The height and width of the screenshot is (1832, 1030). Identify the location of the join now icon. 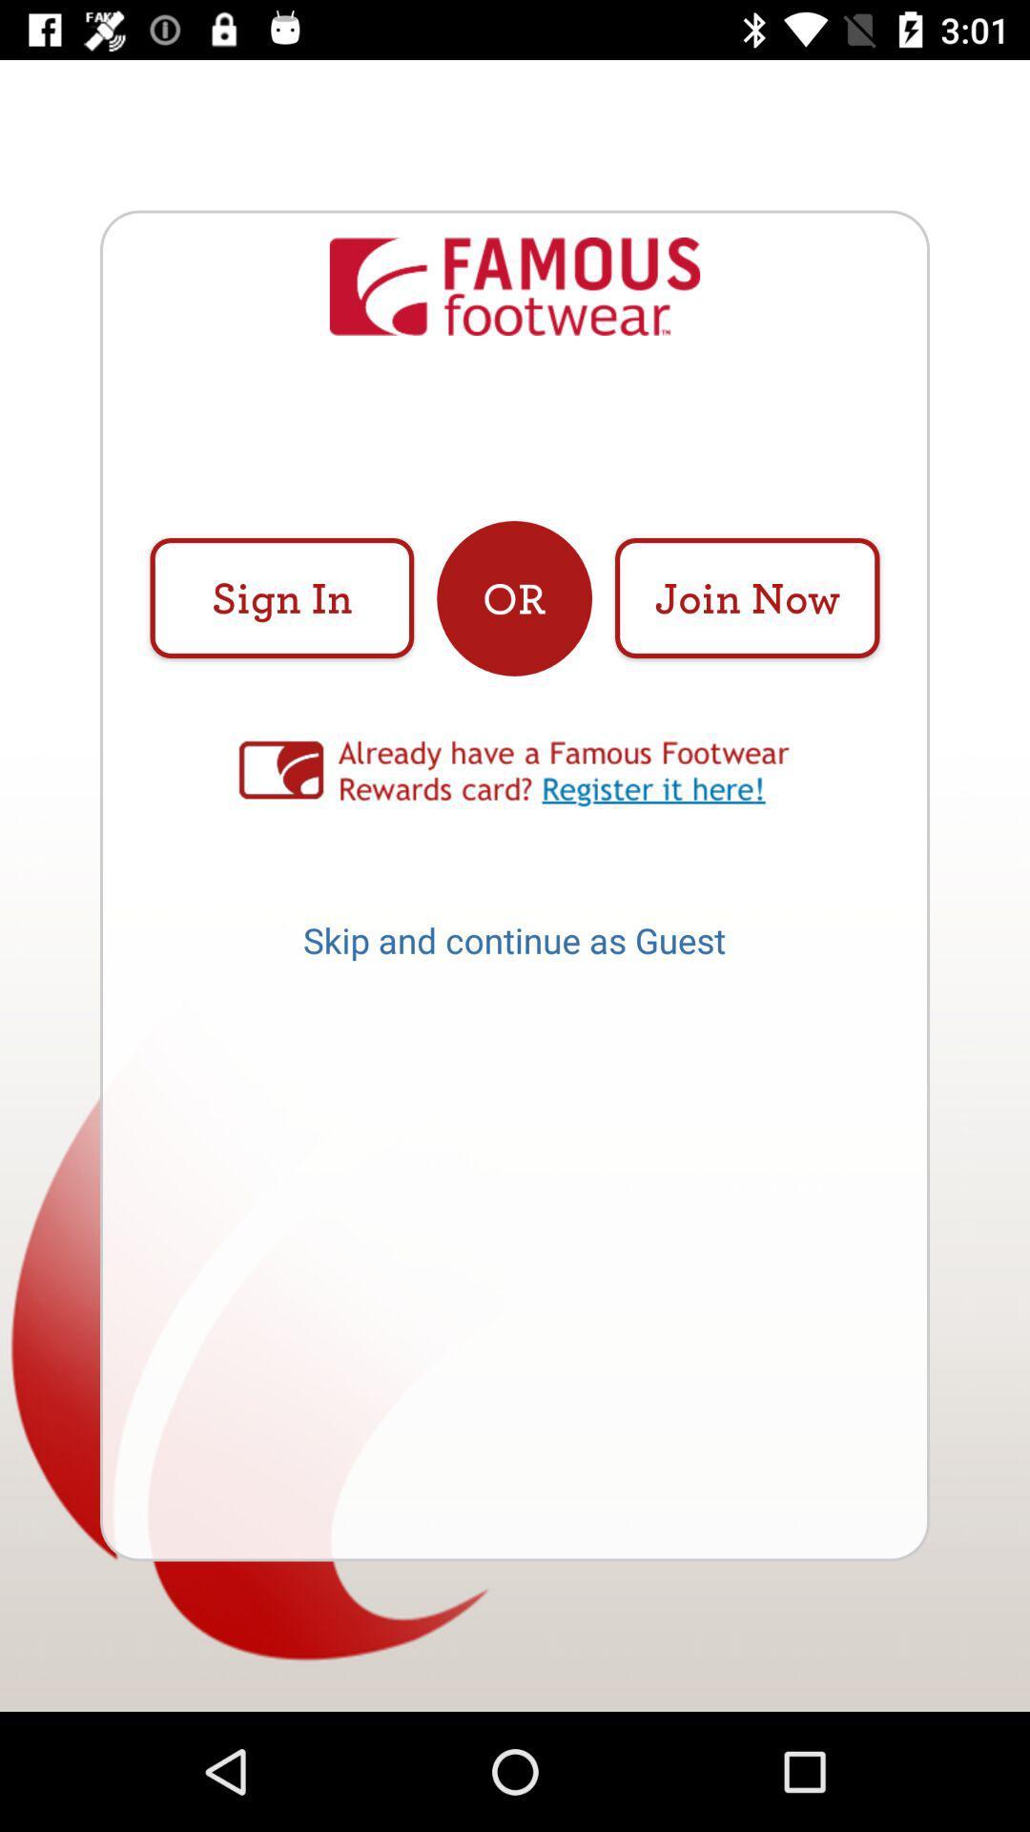
(746, 597).